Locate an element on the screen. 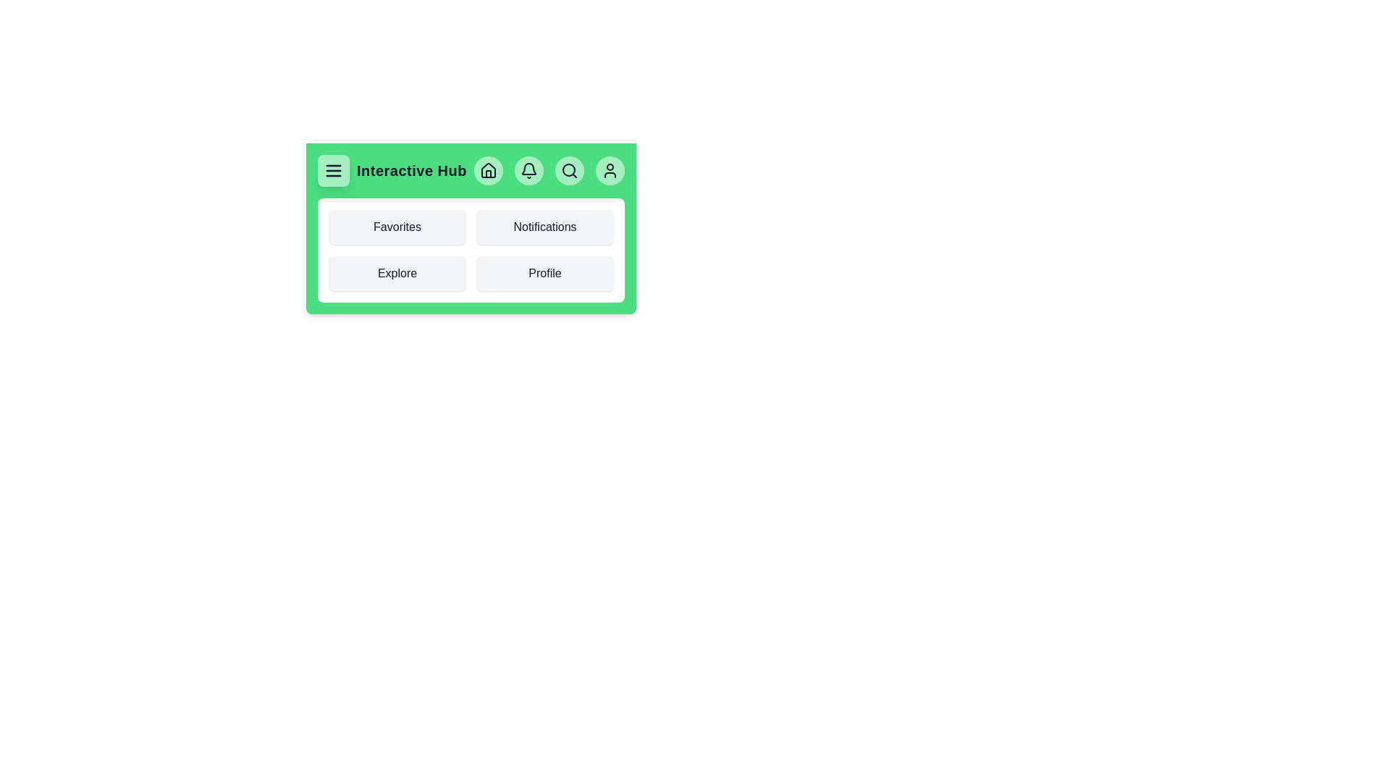  the Notifications navigation button is located at coordinates (544, 227).